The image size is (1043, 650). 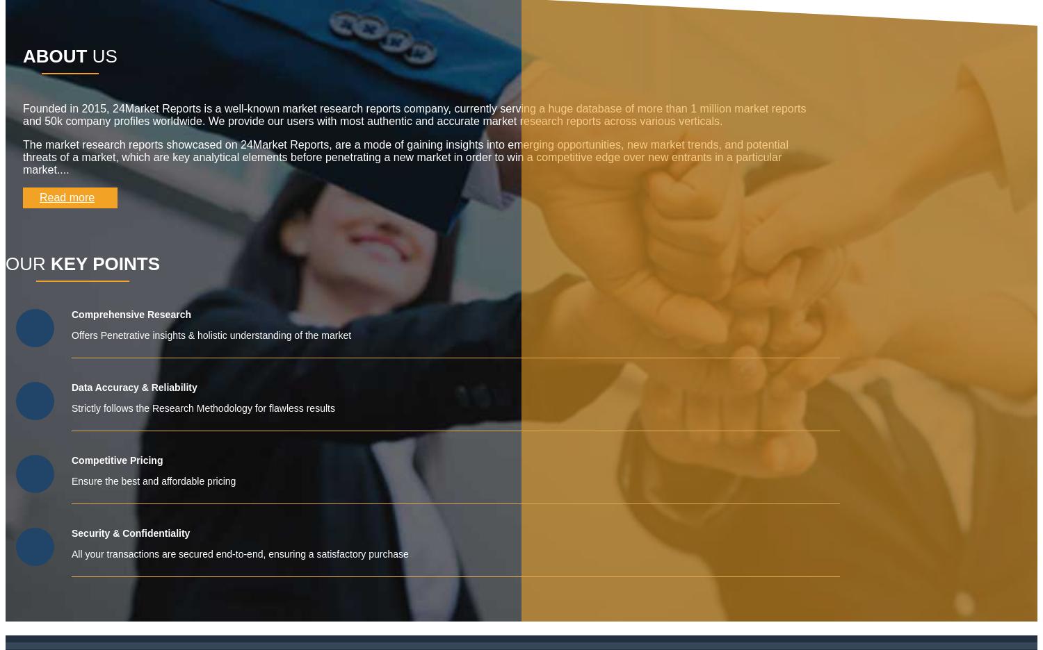 I want to click on 'Read more', so click(x=66, y=197).